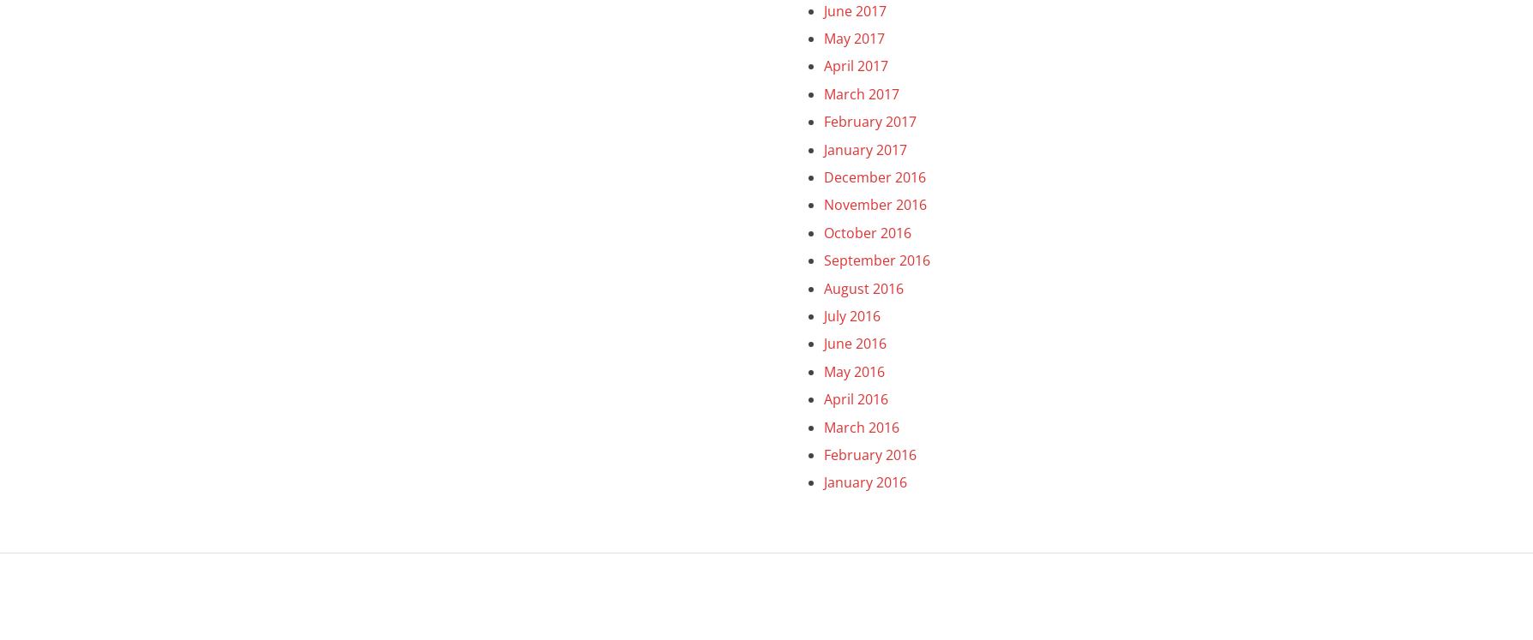  Describe the element at coordinates (822, 342) in the screenshot. I see `'June 2016'` at that location.